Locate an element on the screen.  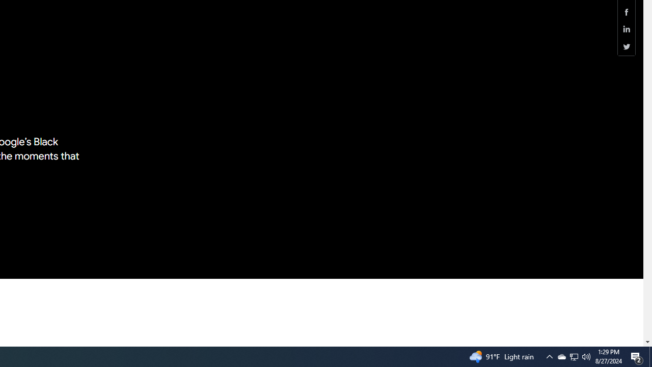
'Share this page (LinkedIn)' is located at coordinates (626, 29).